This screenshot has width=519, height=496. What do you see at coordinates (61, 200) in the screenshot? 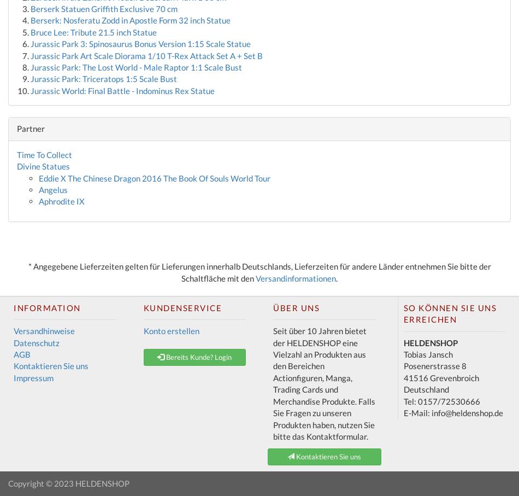
I see `'Aphrodite IX'` at bounding box center [61, 200].